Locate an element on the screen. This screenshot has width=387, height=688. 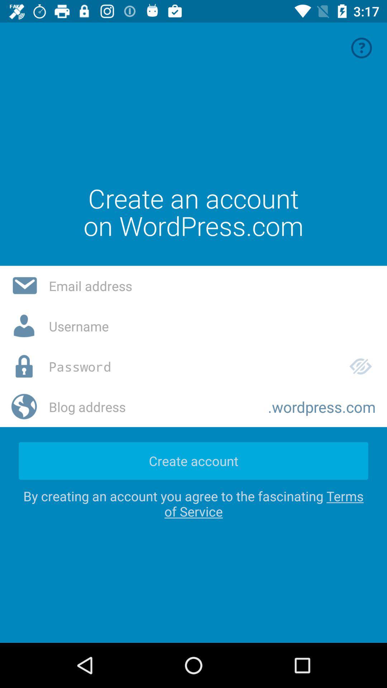
blog address is located at coordinates (152, 407).